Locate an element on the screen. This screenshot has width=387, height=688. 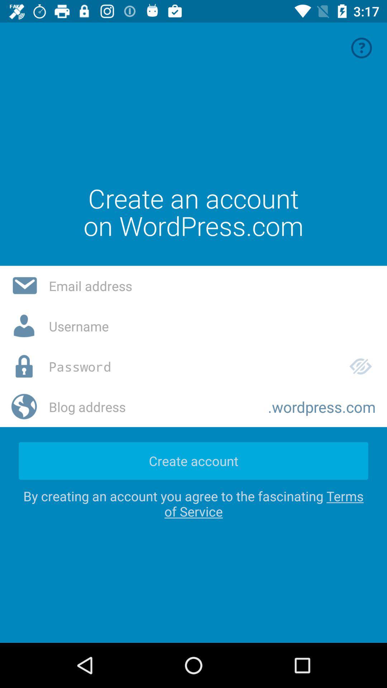
blog address is located at coordinates (152, 407).